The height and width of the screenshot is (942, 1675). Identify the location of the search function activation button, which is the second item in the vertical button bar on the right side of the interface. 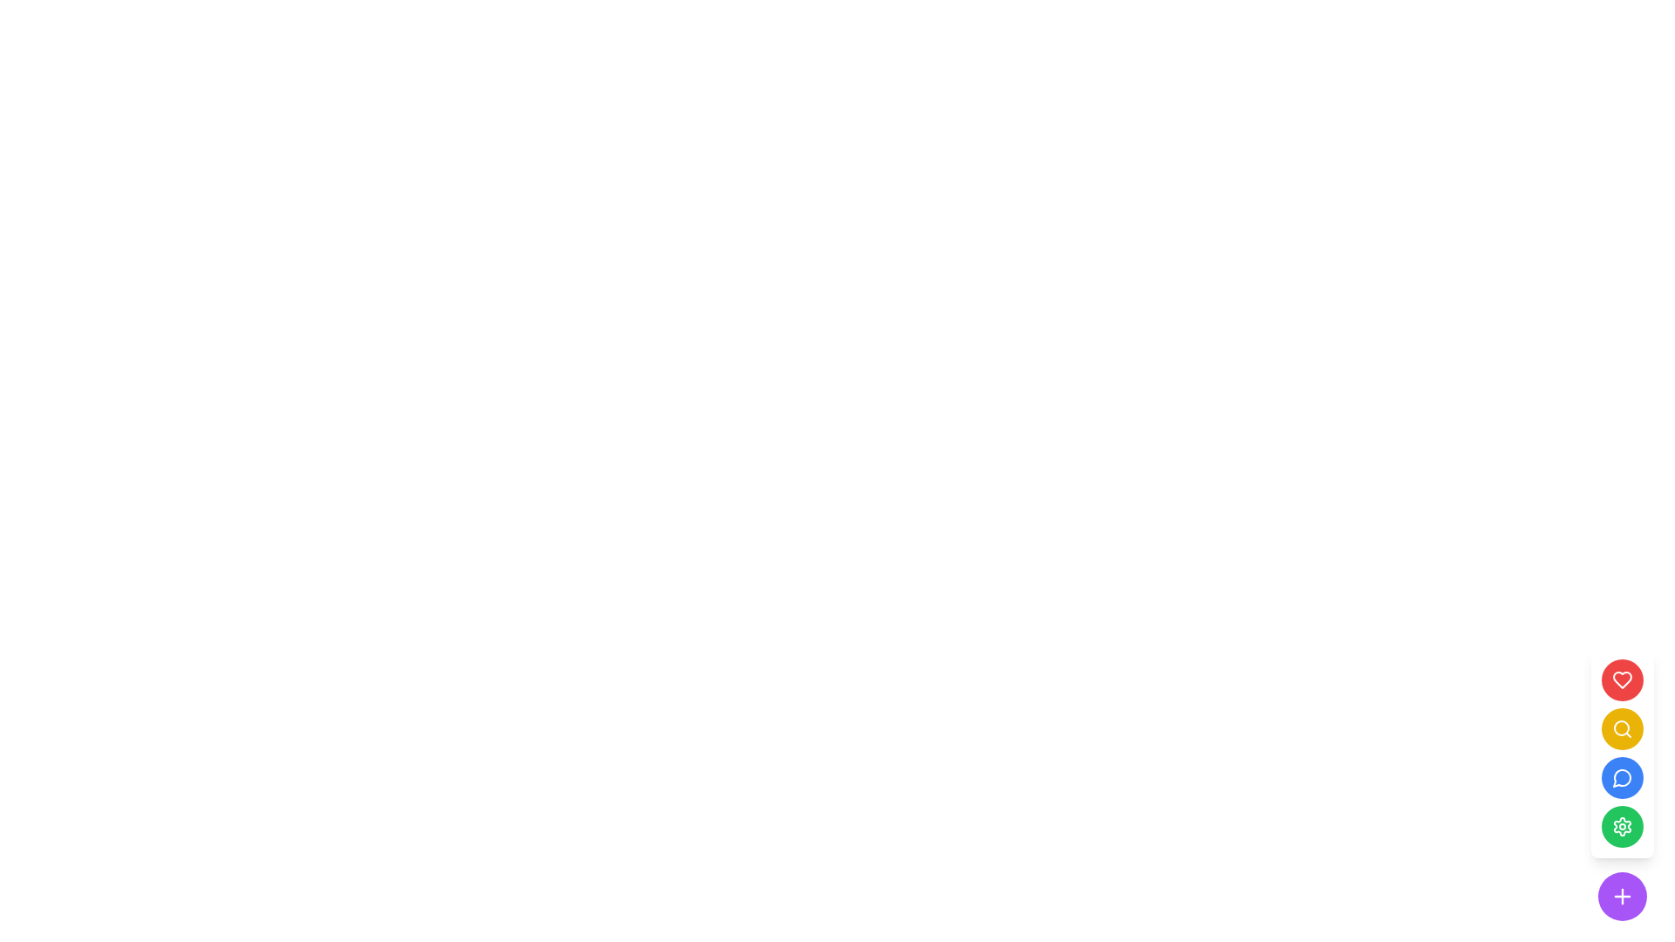
(1622, 729).